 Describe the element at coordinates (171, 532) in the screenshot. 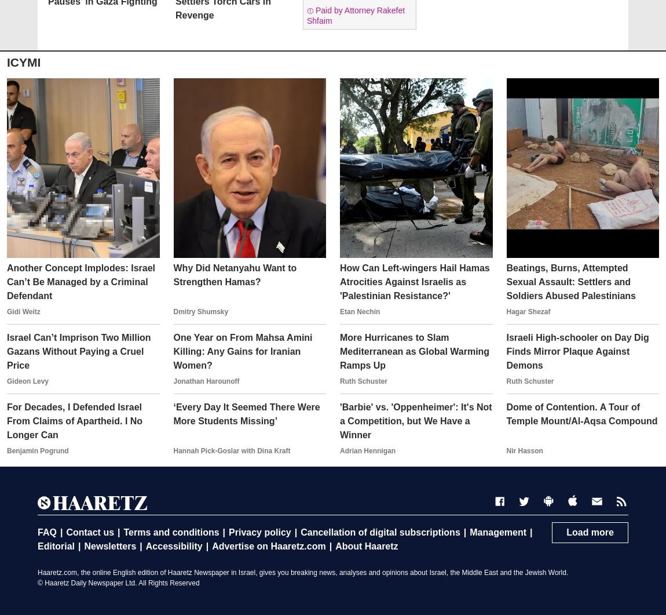

I see `'Terms and conditions'` at that location.